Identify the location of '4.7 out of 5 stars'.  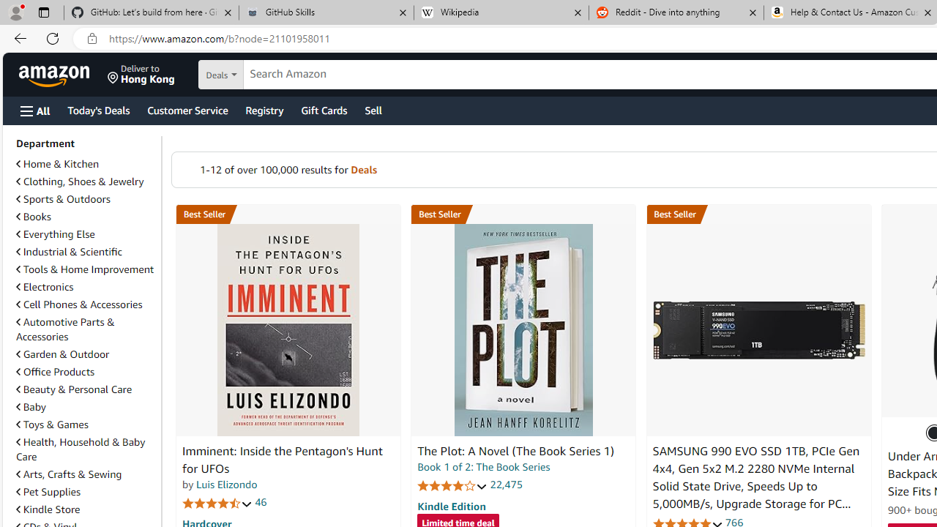
(217, 502).